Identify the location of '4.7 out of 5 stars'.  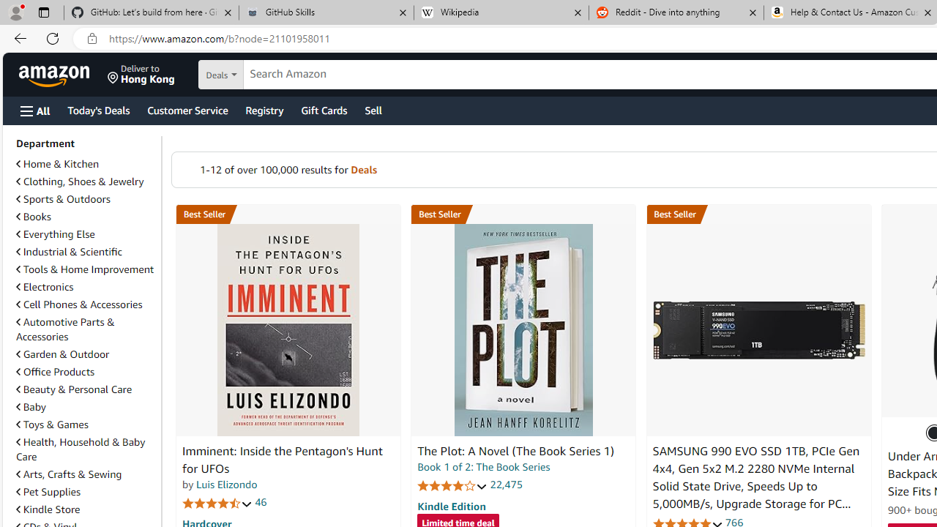
(217, 502).